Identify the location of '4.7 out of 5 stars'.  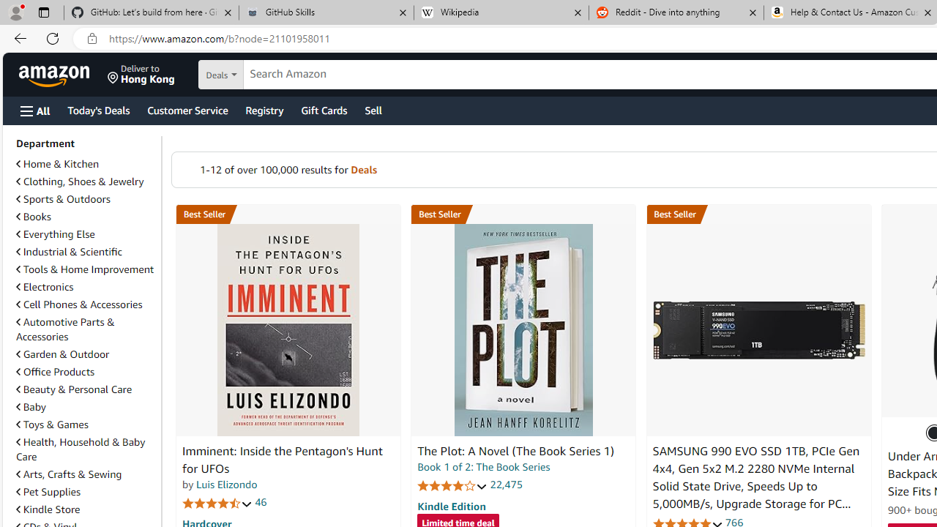
(217, 502).